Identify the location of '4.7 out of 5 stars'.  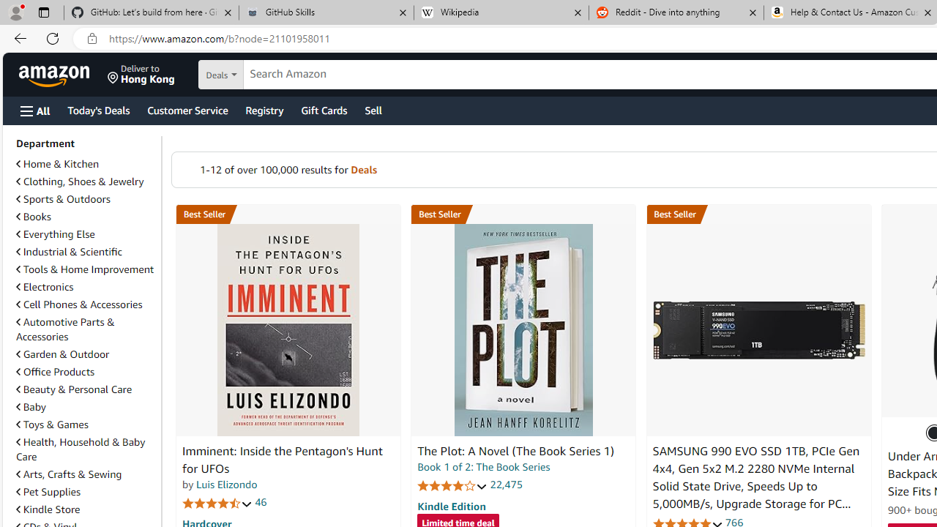
(217, 502).